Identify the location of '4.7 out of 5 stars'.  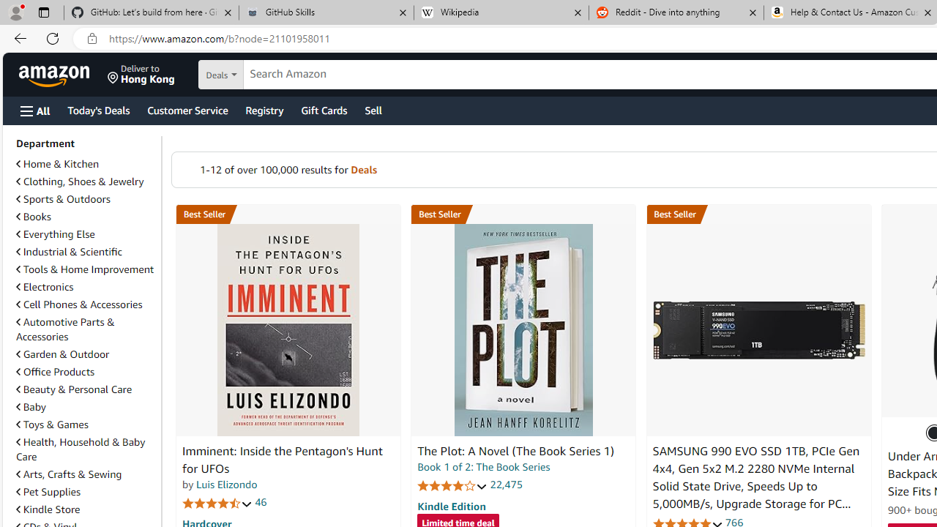
(217, 502).